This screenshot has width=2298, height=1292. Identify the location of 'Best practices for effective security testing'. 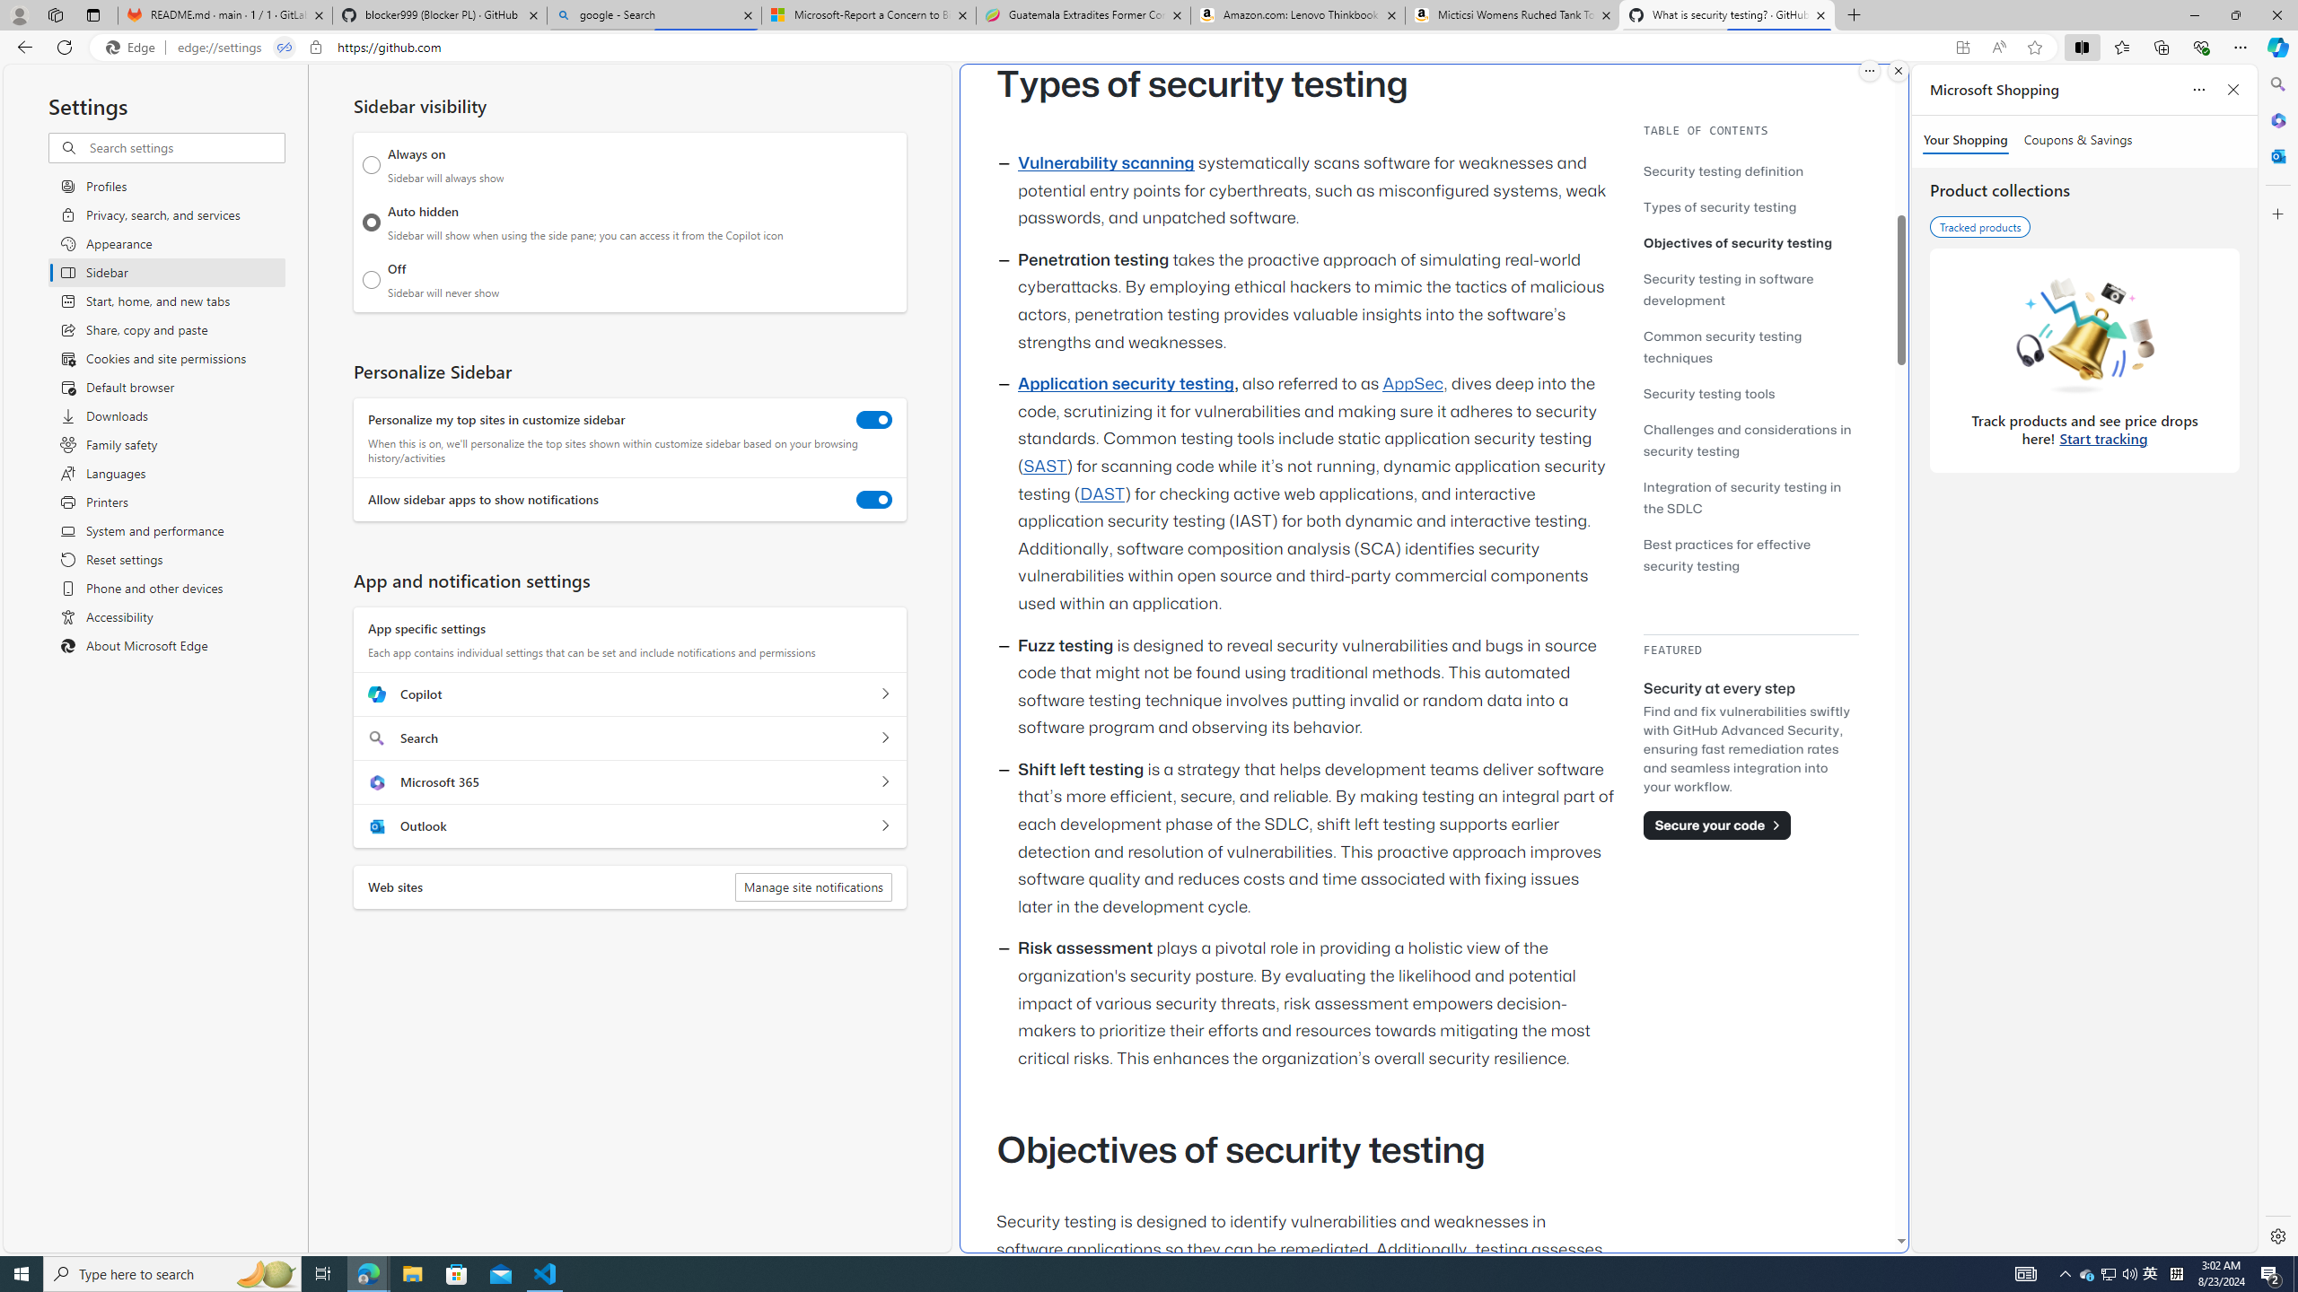
(1726, 554).